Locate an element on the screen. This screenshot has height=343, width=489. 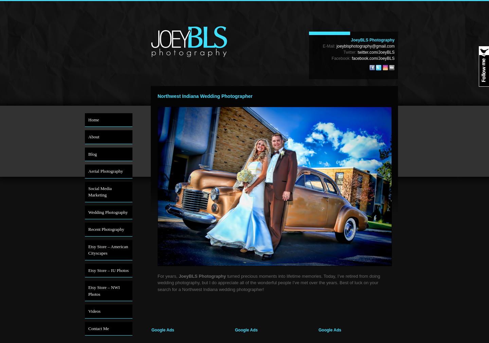
'facebook.com/JoeyBLS' is located at coordinates (373, 58).